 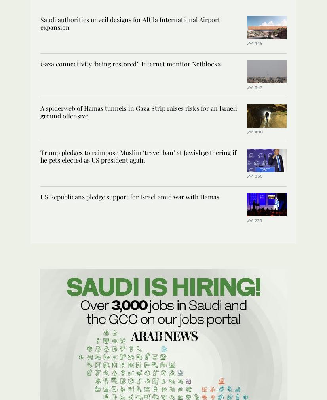 What do you see at coordinates (40, 112) in the screenshot?
I see `'A spiderweb of Hamas tunnels in Gaza Strip raises risks for an Israeli ground offensive'` at bounding box center [40, 112].